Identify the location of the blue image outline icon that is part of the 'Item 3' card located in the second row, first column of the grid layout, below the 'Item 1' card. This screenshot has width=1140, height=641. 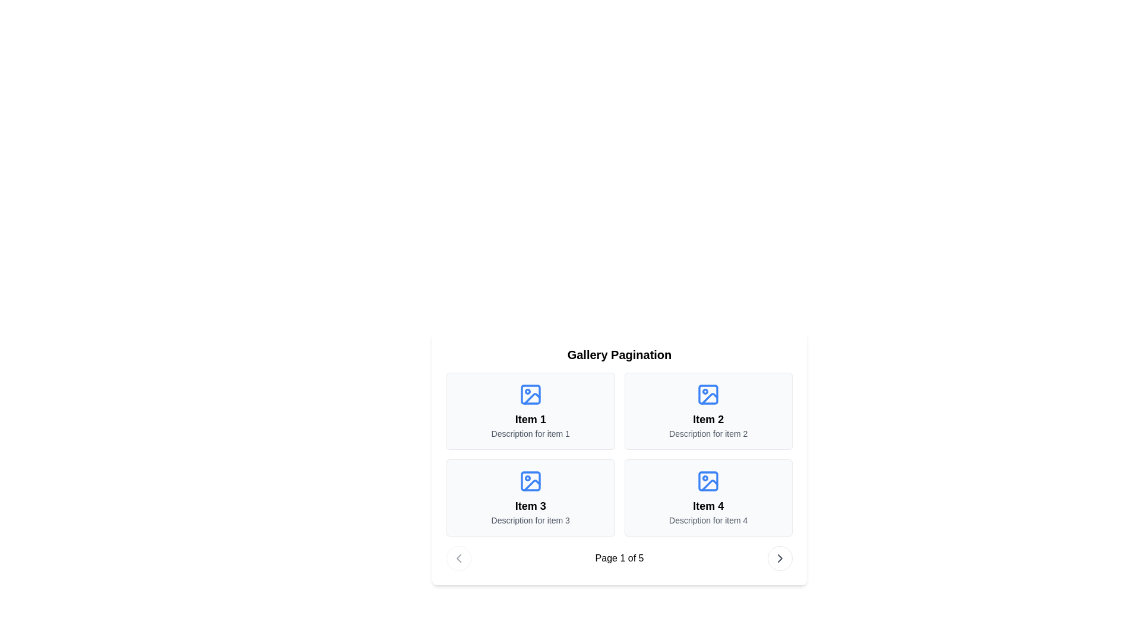
(530, 481).